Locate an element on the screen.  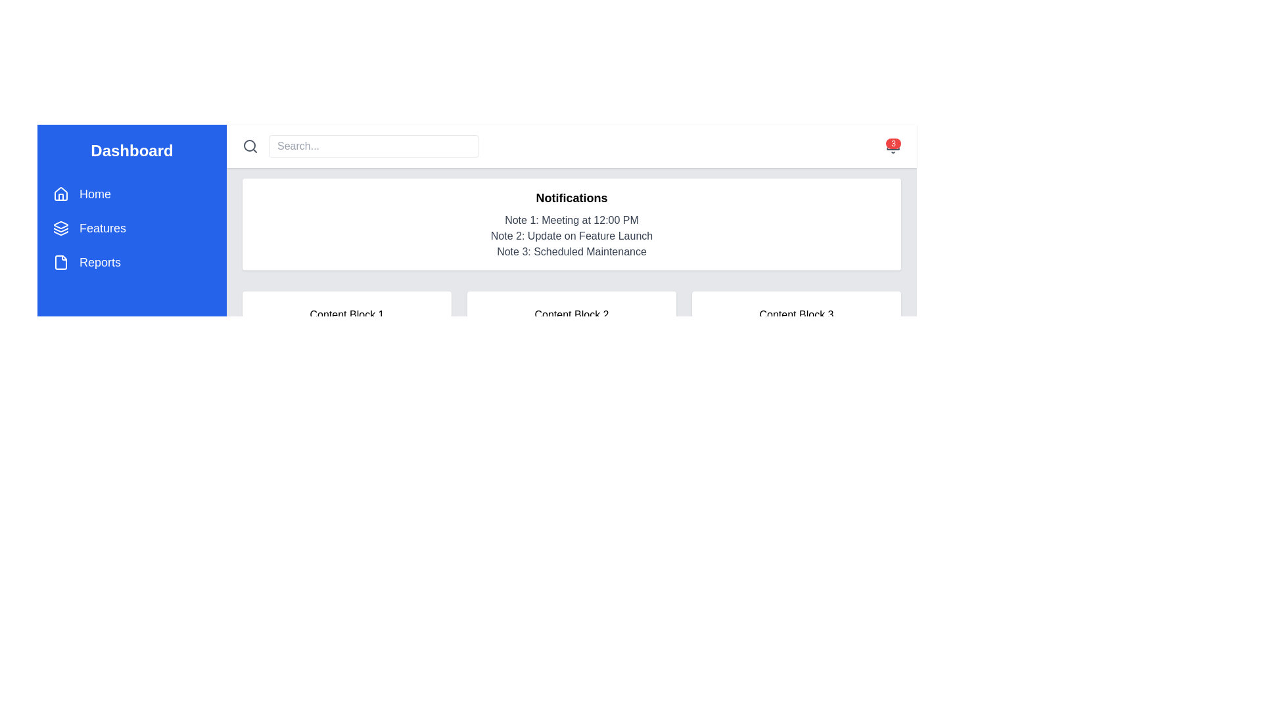
the first text label in the Notifications box that informs about the scheduled meeting is located at coordinates (571, 219).